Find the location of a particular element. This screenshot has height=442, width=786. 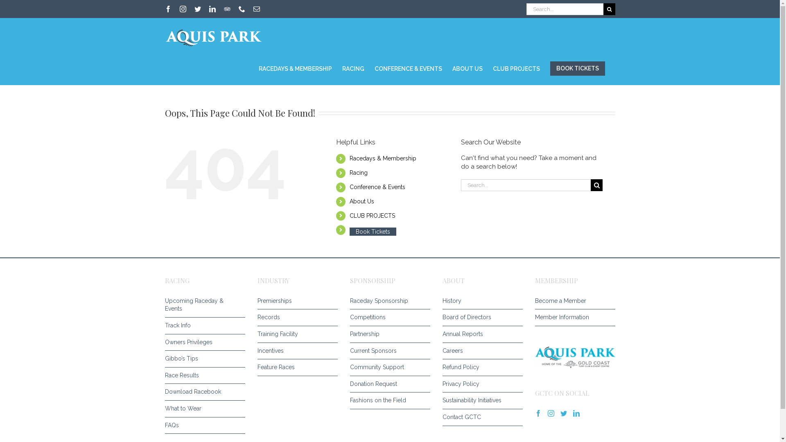

'Incentives' is located at coordinates (295, 350).